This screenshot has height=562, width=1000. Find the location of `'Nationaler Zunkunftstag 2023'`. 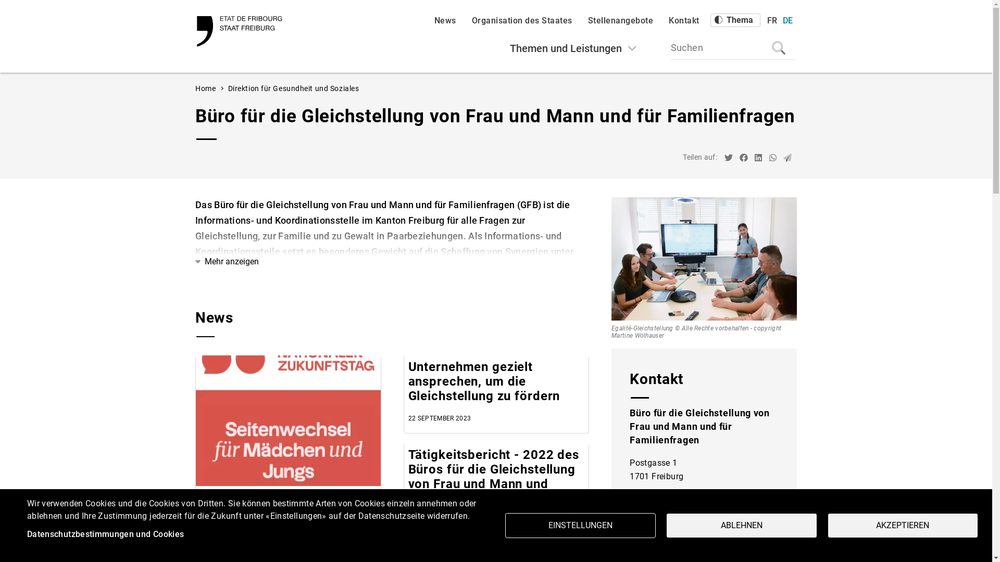

'Nationaler Zunkunftstag 2023' is located at coordinates (288, 420).